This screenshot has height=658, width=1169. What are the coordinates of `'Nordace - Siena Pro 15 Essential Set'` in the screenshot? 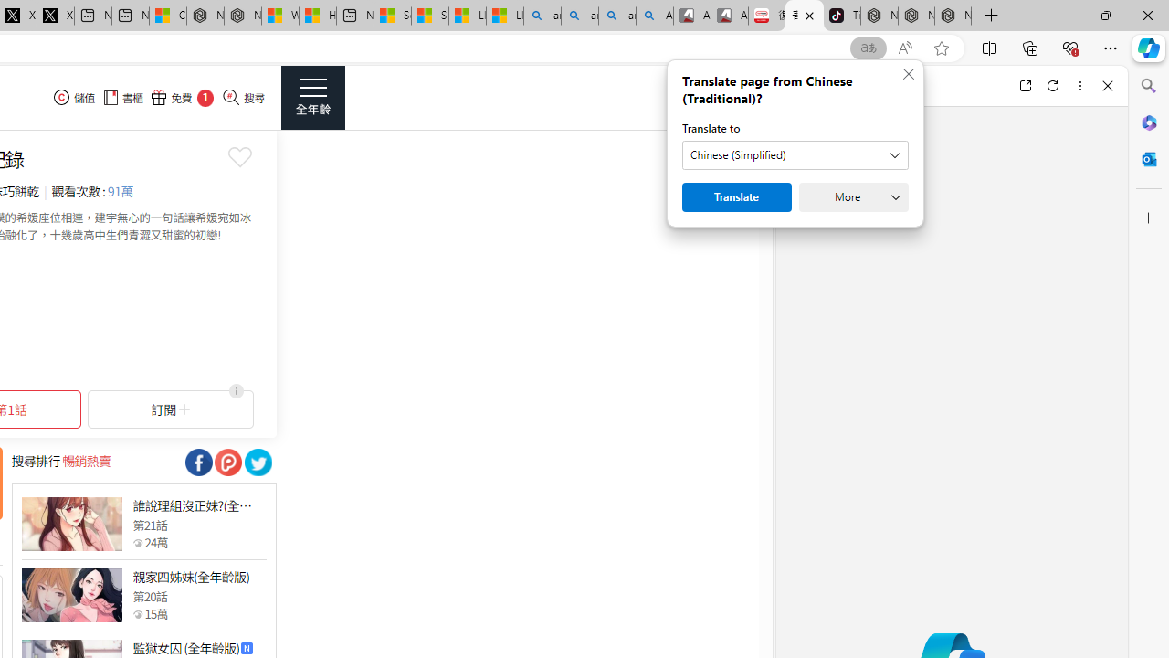 It's located at (952, 16).